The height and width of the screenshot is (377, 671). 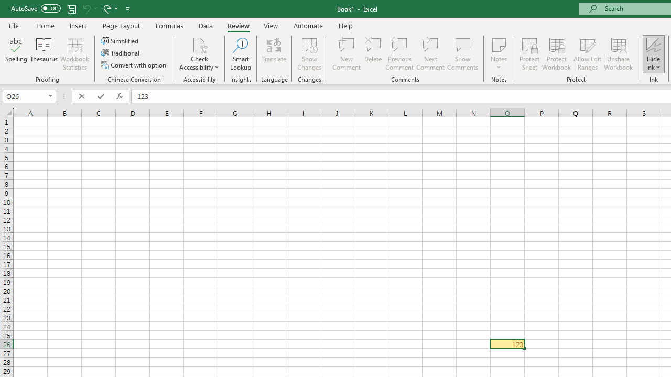 I want to click on 'More Options', so click(x=653, y=63).